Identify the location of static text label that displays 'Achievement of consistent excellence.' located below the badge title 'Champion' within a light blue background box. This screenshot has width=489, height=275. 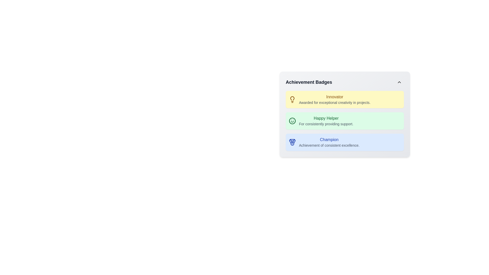
(329, 145).